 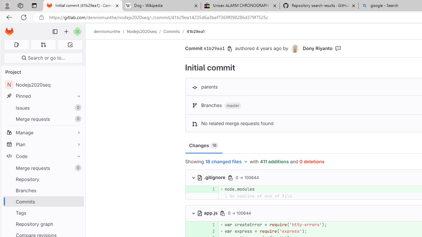 I want to click on 'Merge requests0', so click(x=43, y=168).